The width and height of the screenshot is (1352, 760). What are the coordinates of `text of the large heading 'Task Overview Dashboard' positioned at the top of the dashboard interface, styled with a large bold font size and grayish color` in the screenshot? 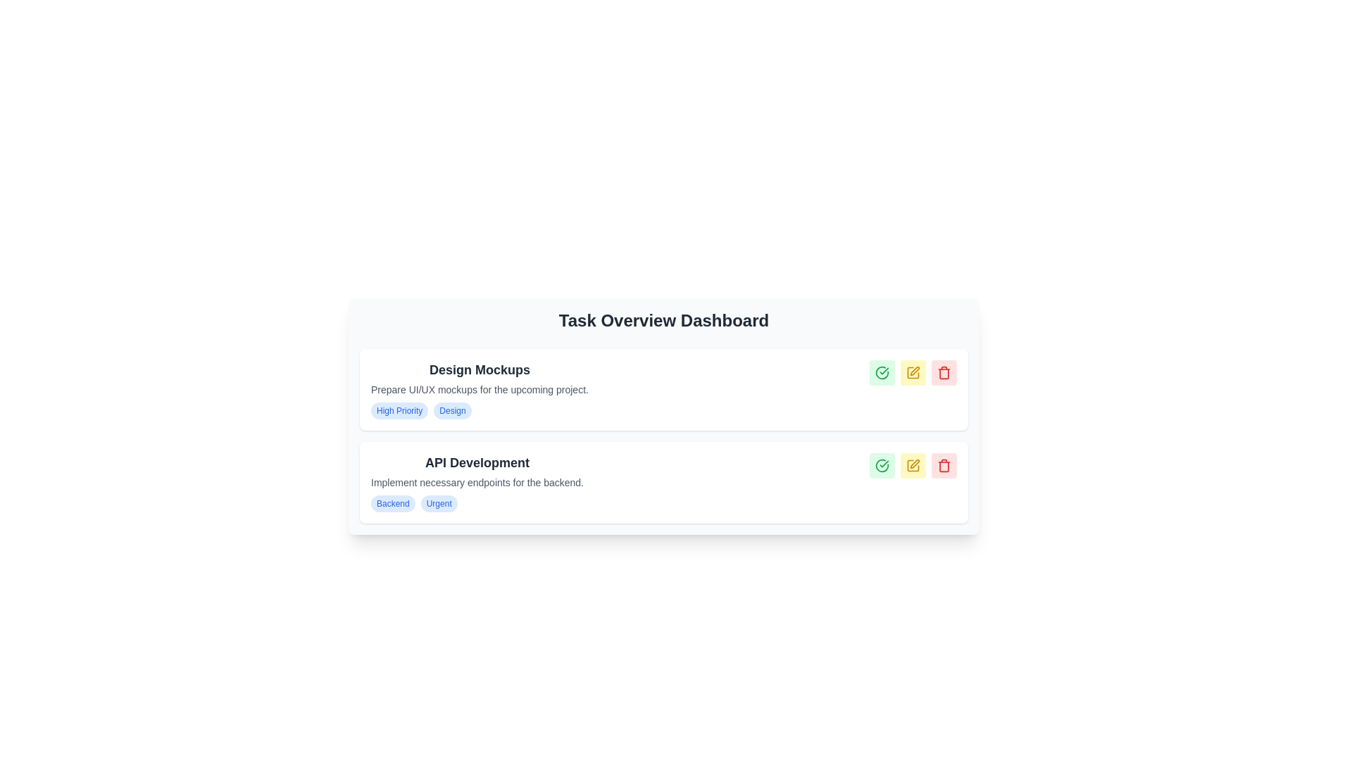 It's located at (663, 320).